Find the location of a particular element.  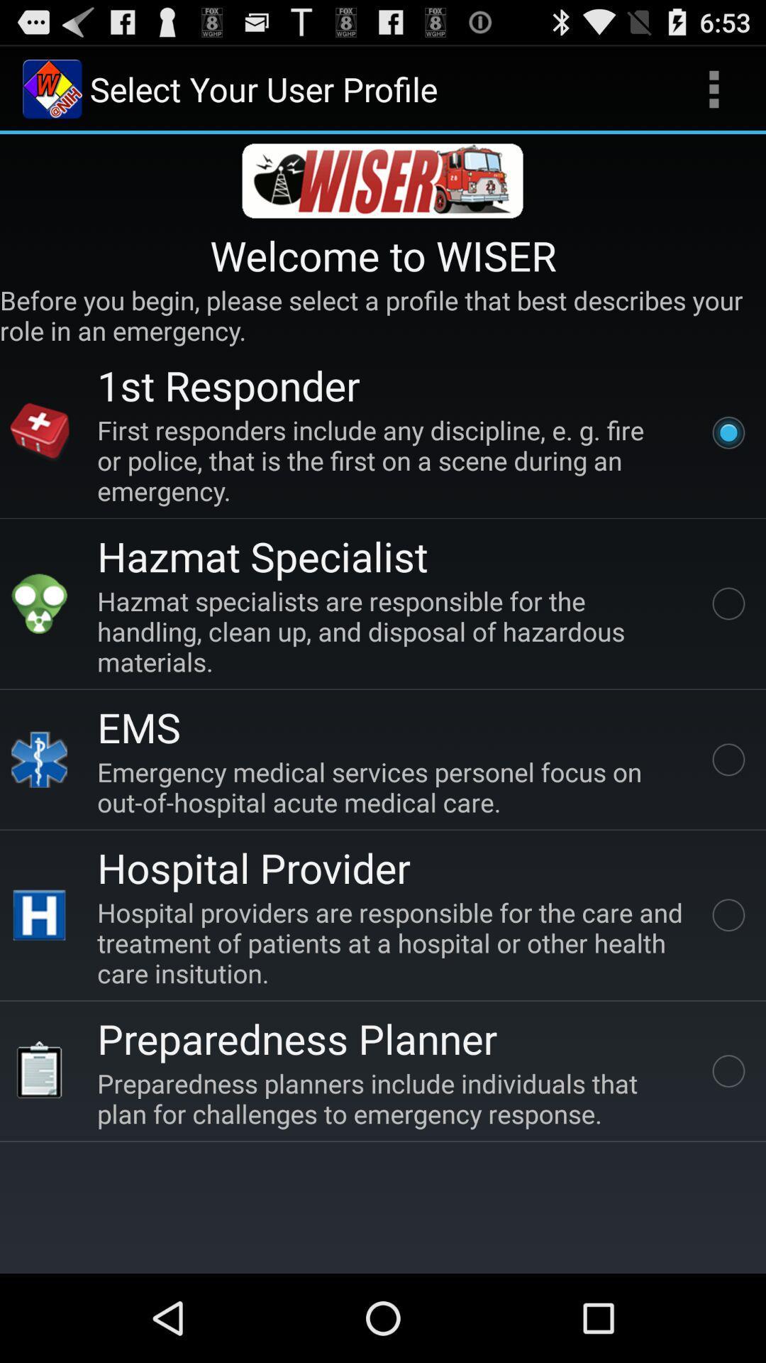

item below the 1st responder app is located at coordinates (393, 460).